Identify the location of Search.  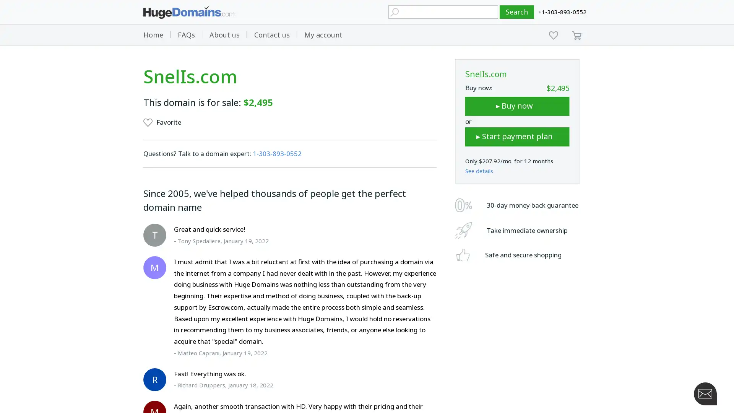
(517, 12).